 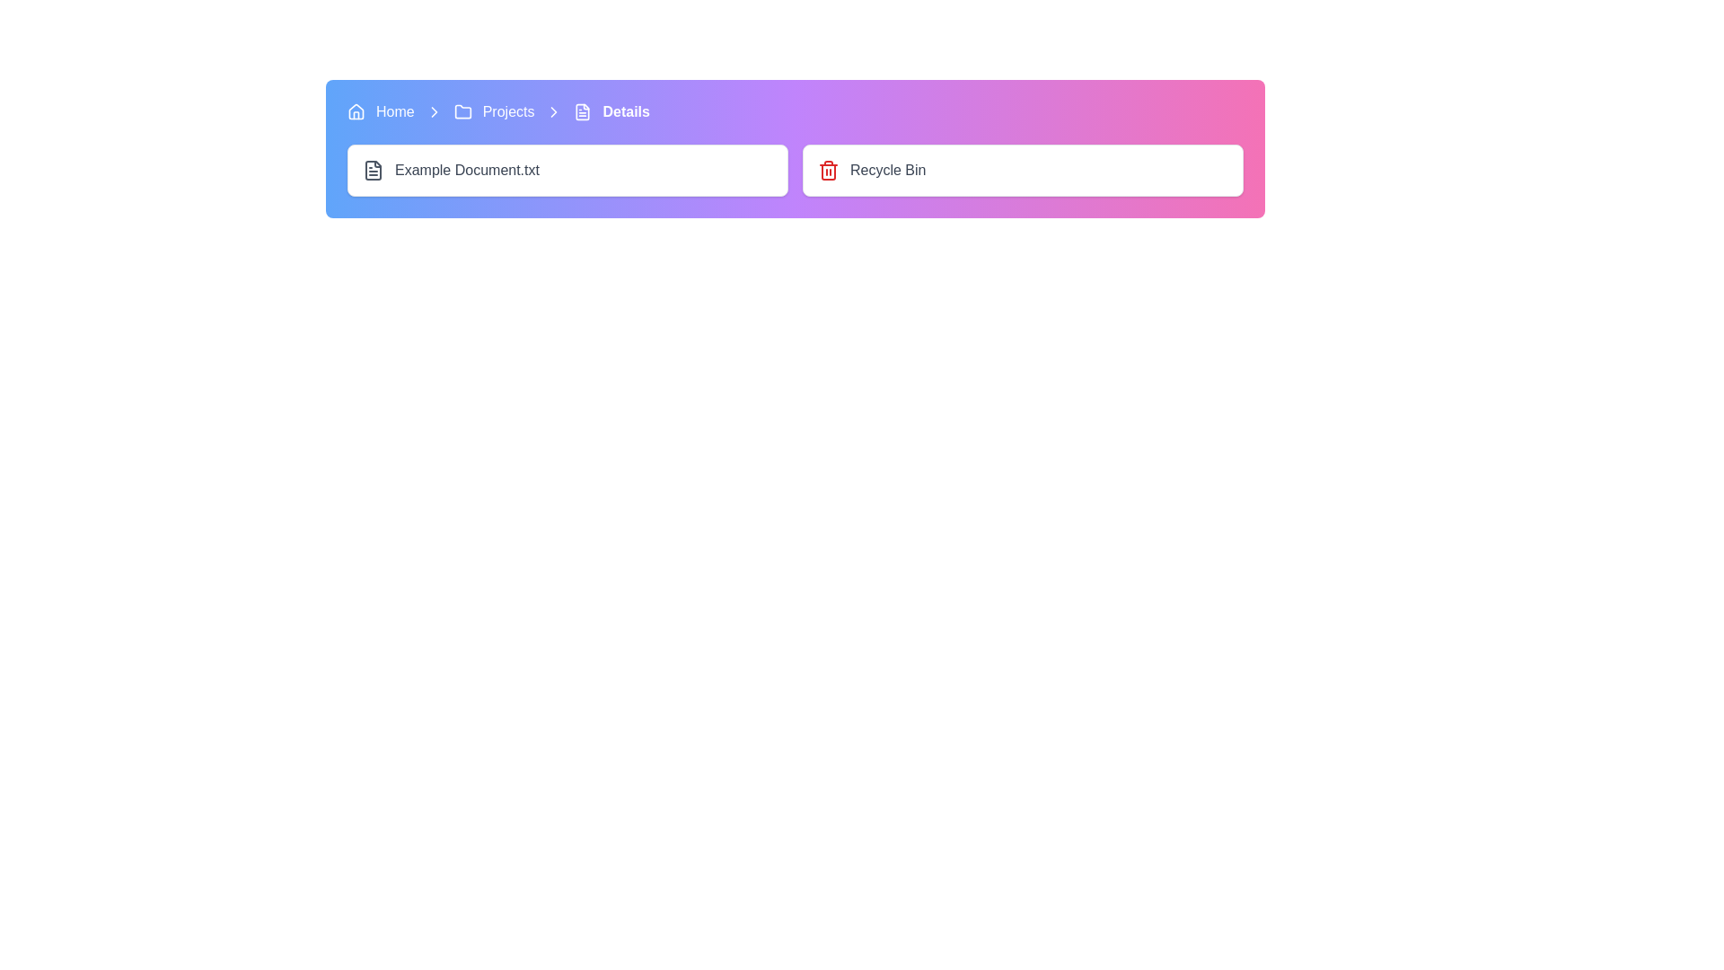 I want to click on properties of the rightward-pointing chevron icon in the breadcrumb navigation system, located between 'Projects' and 'Details', so click(x=434, y=111).